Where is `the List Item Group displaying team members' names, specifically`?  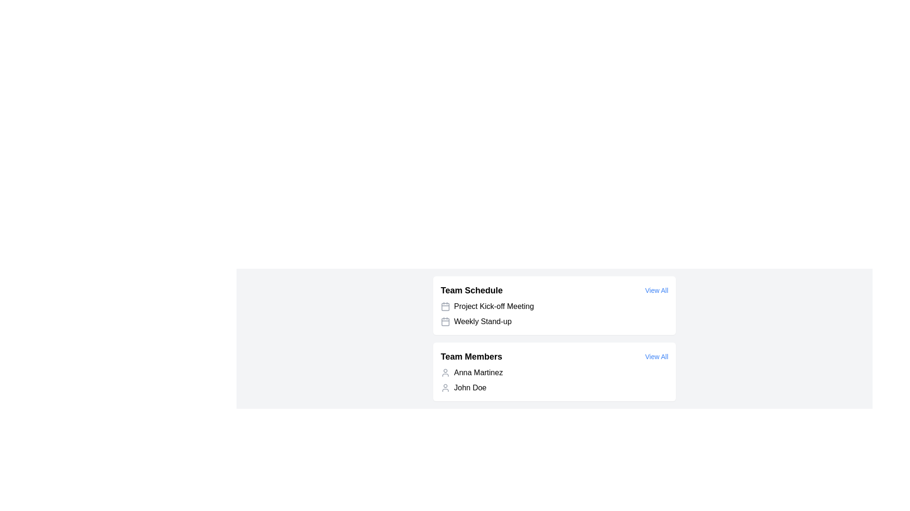 the List Item Group displaying team members' names, specifically is located at coordinates (555, 379).